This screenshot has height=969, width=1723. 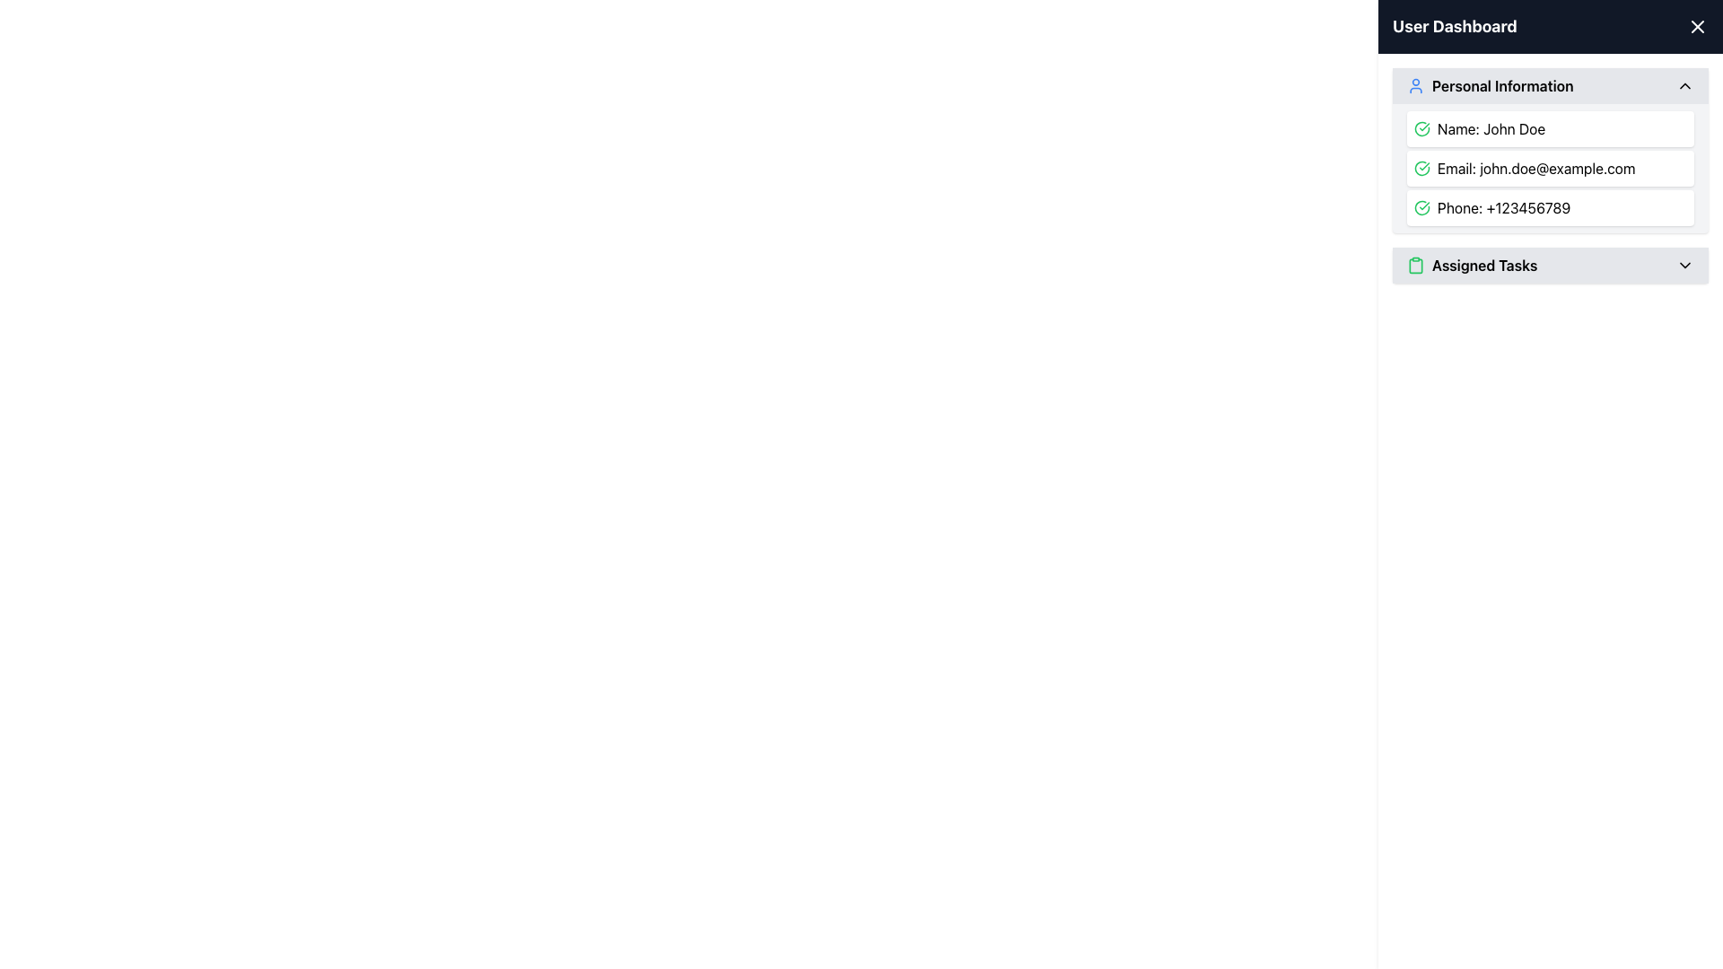 What do you see at coordinates (1491, 127) in the screenshot?
I see `the text label displaying the user's full name 'John Doe' located in the 'Personal Information' panel` at bounding box center [1491, 127].